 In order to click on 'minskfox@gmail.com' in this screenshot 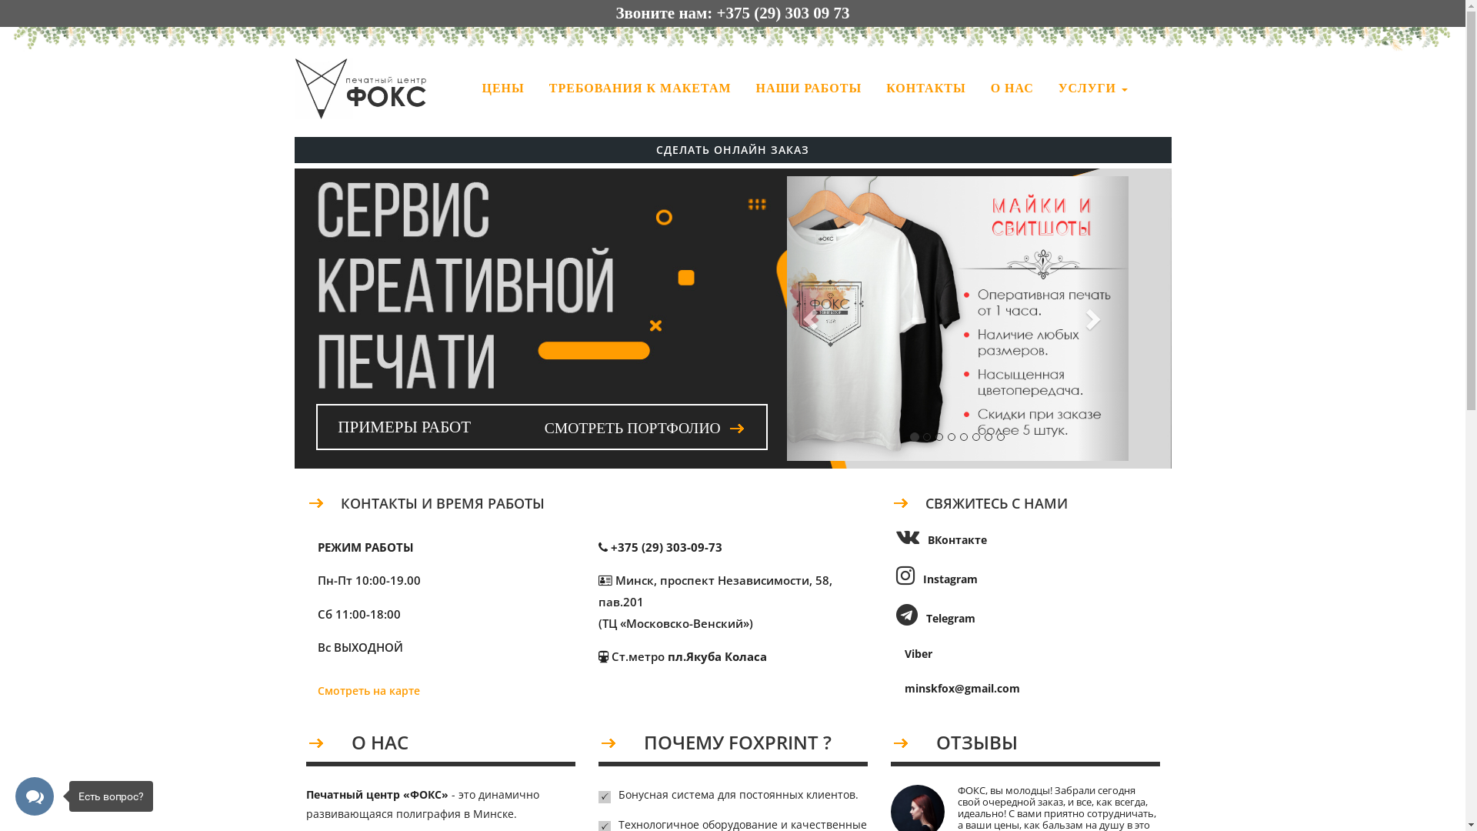, I will do `click(955, 687)`.